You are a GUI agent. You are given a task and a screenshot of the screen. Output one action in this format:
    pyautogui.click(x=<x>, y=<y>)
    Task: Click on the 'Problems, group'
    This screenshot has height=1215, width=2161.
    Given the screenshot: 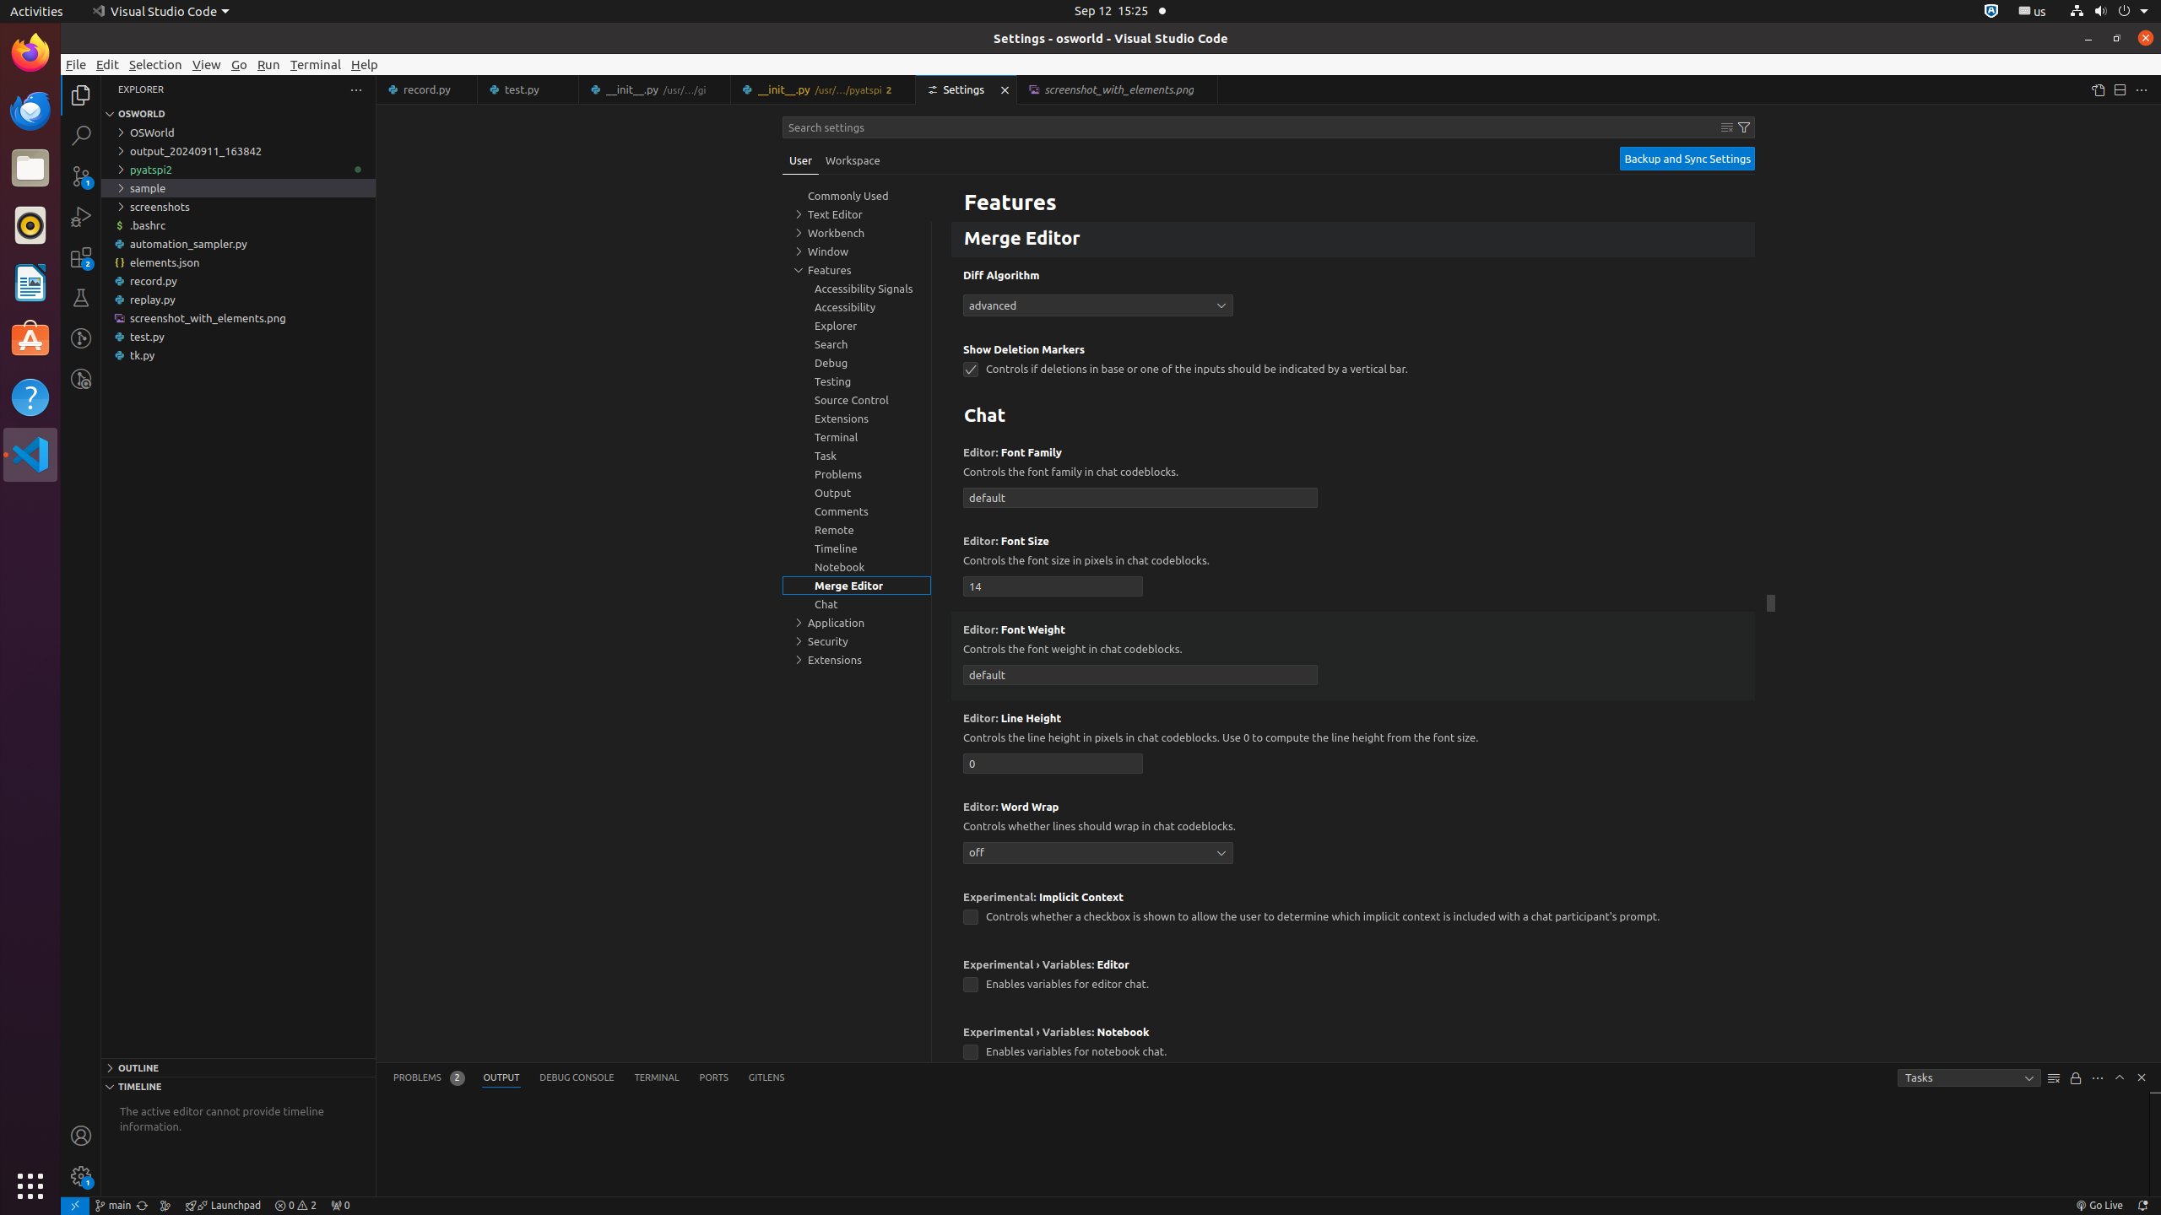 What is the action you would take?
    pyautogui.click(x=857, y=474)
    